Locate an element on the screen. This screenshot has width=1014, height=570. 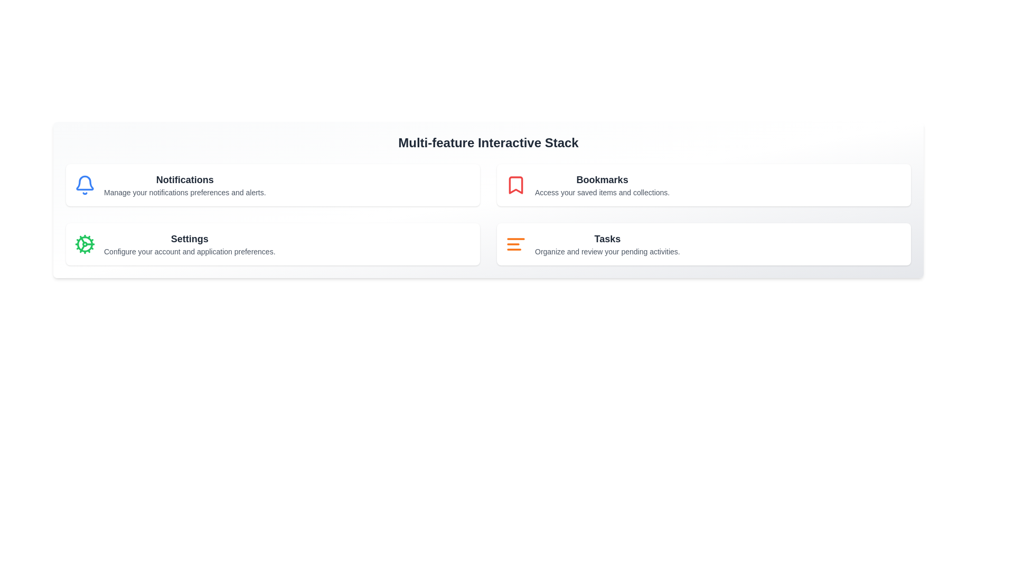
the Informational card at the top-left corner of the grid layout is located at coordinates (273, 185).